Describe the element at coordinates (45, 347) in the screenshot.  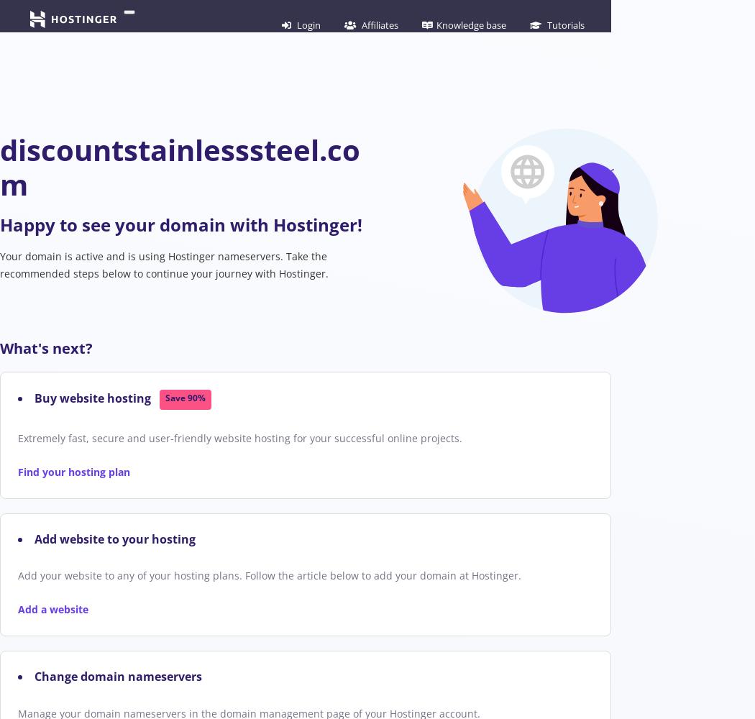
I see `'What's next?'` at that location.